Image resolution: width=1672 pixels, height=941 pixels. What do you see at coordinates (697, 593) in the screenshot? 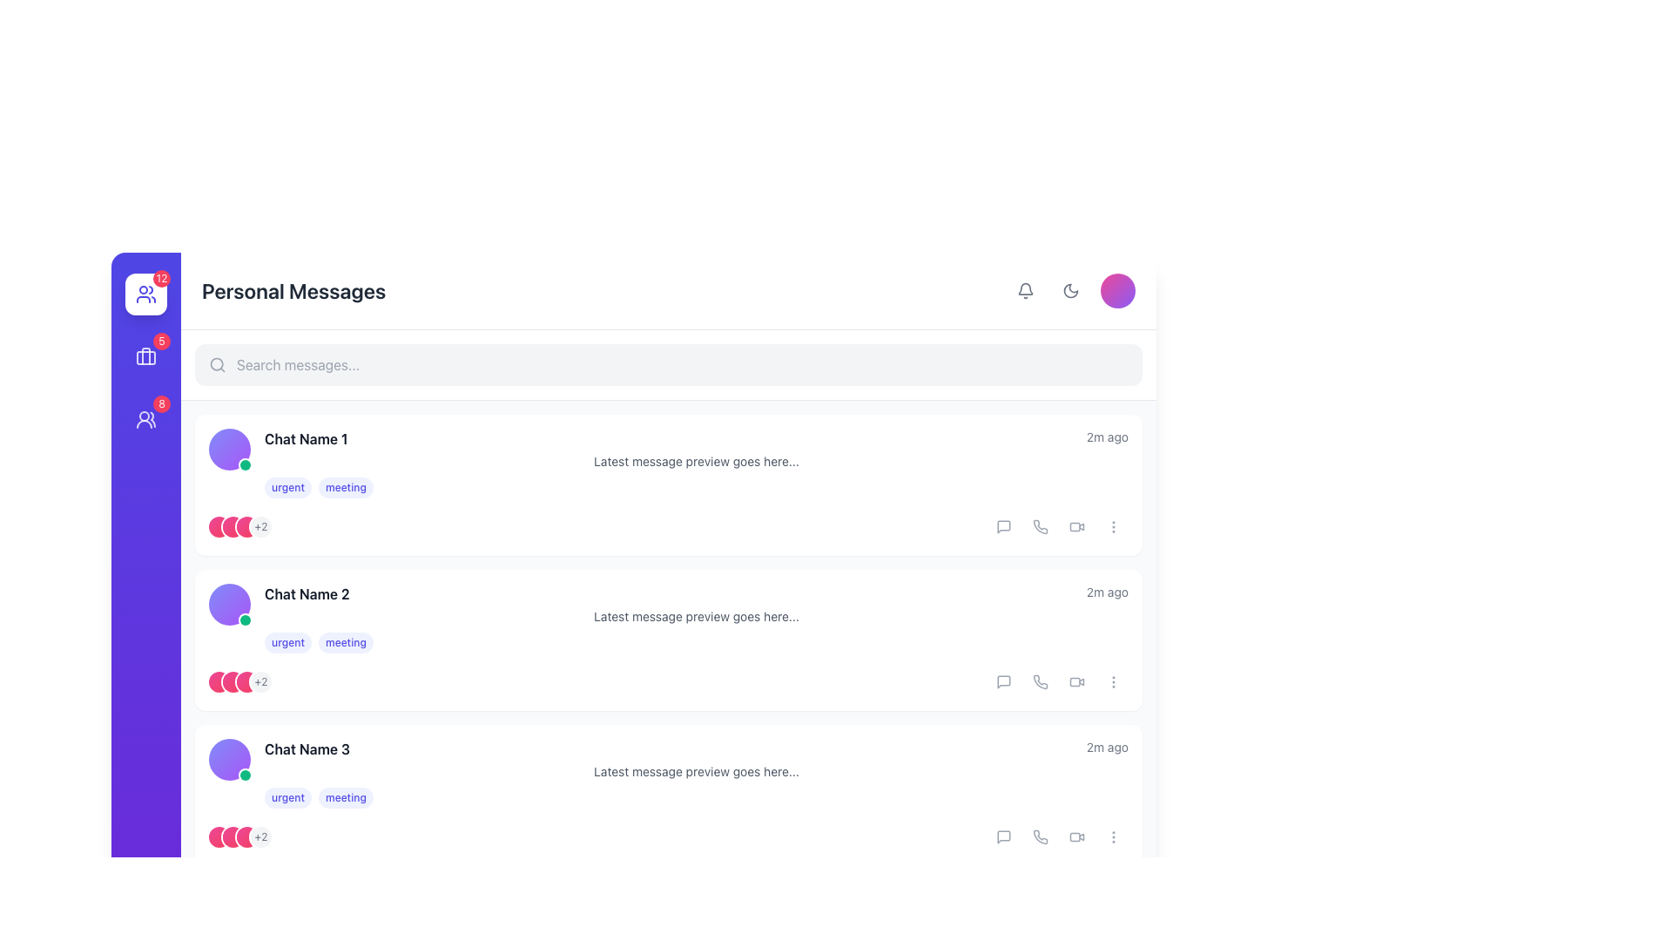
I see `the timestamp in the second chat entry of the message overview section` at bounding box center [697, 593].